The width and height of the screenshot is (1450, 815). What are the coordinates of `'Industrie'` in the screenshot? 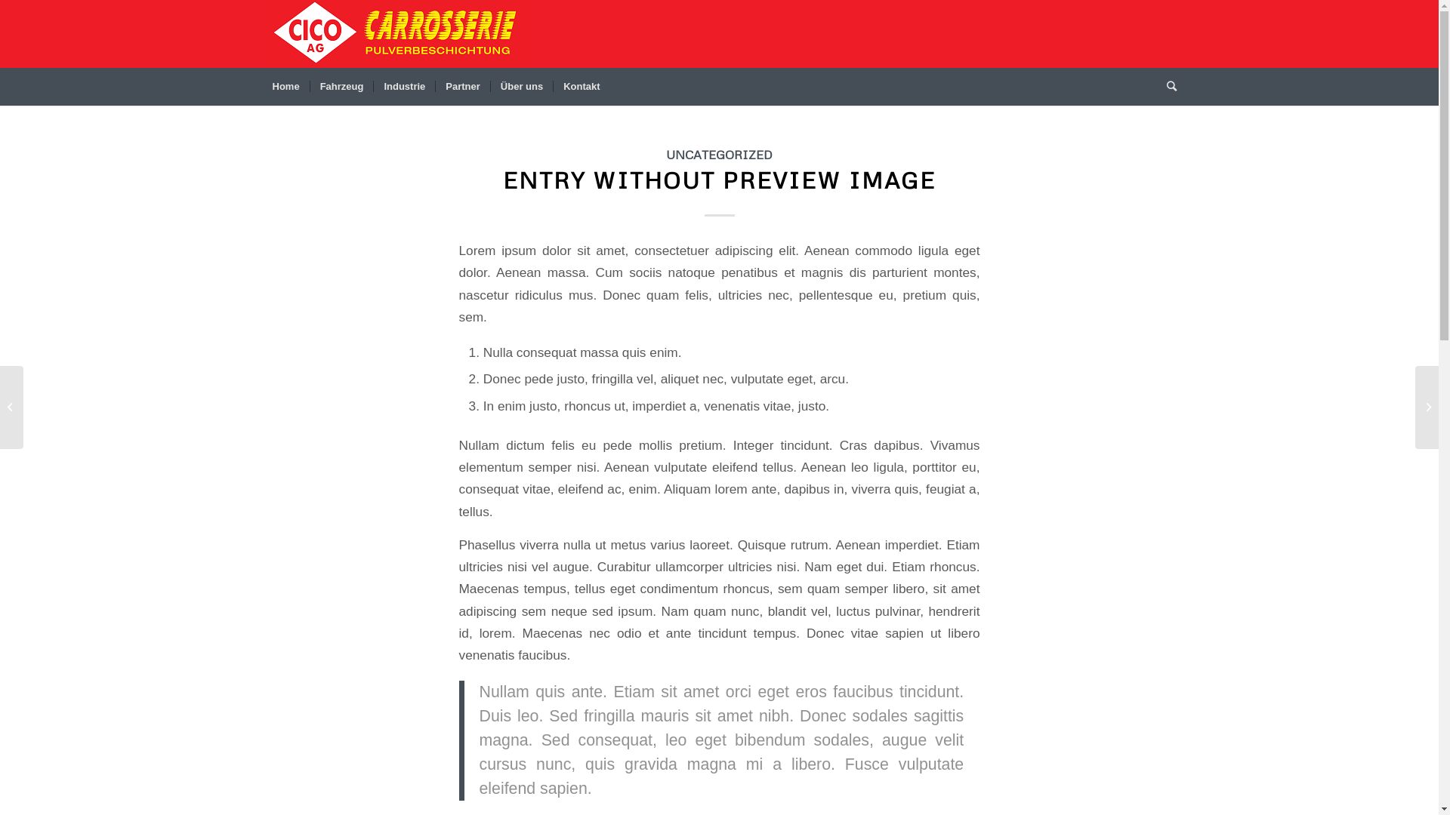 It's located at (403, 87).